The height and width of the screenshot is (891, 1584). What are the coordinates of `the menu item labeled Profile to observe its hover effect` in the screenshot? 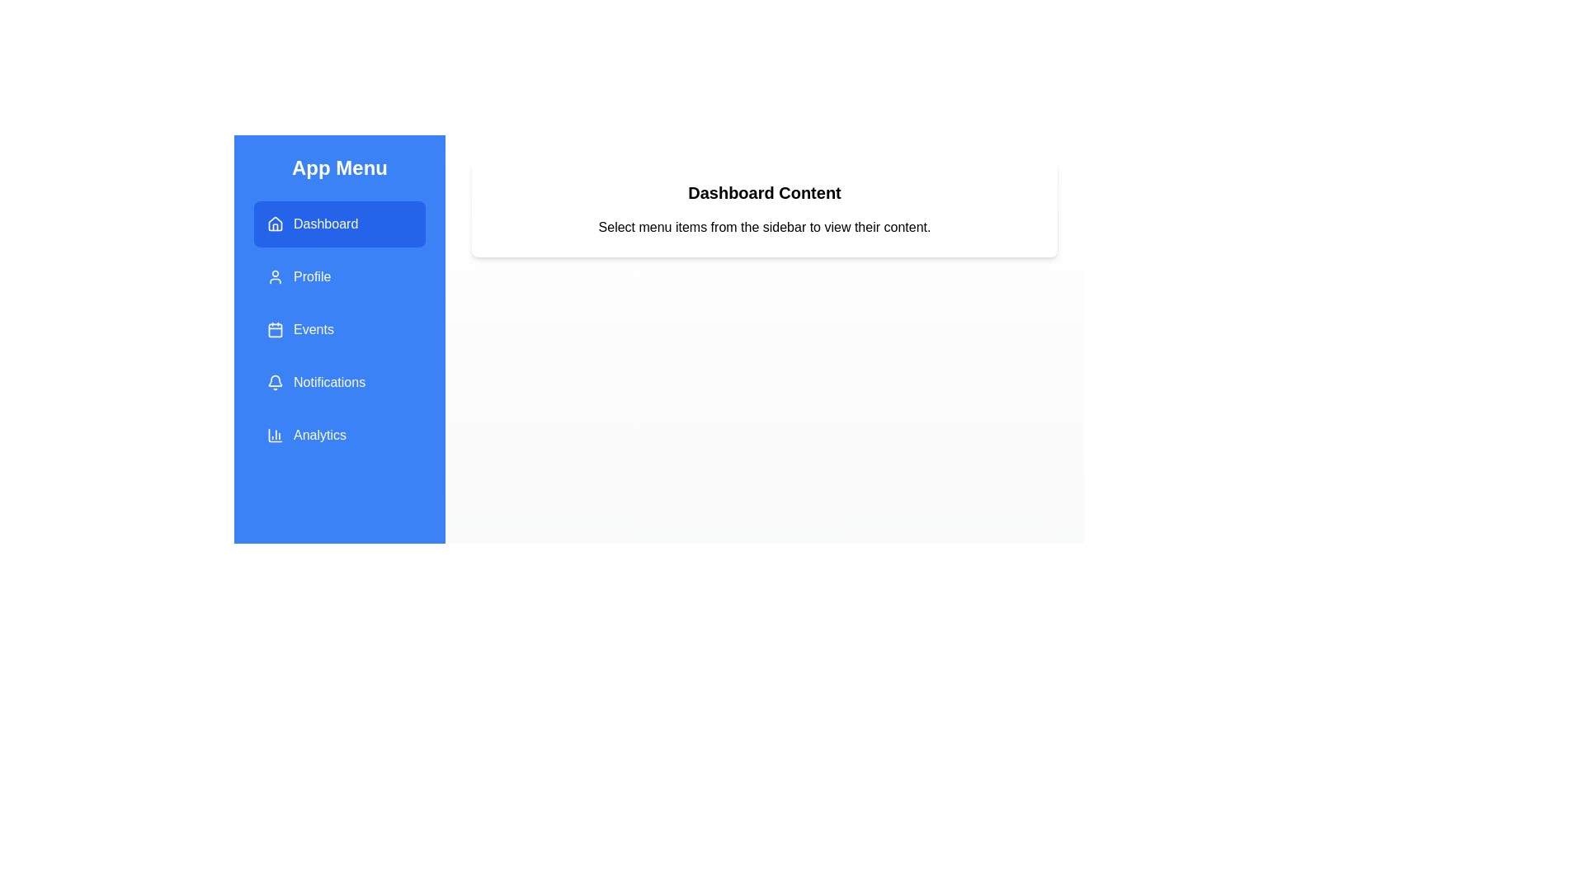 It's located at (339, 276).